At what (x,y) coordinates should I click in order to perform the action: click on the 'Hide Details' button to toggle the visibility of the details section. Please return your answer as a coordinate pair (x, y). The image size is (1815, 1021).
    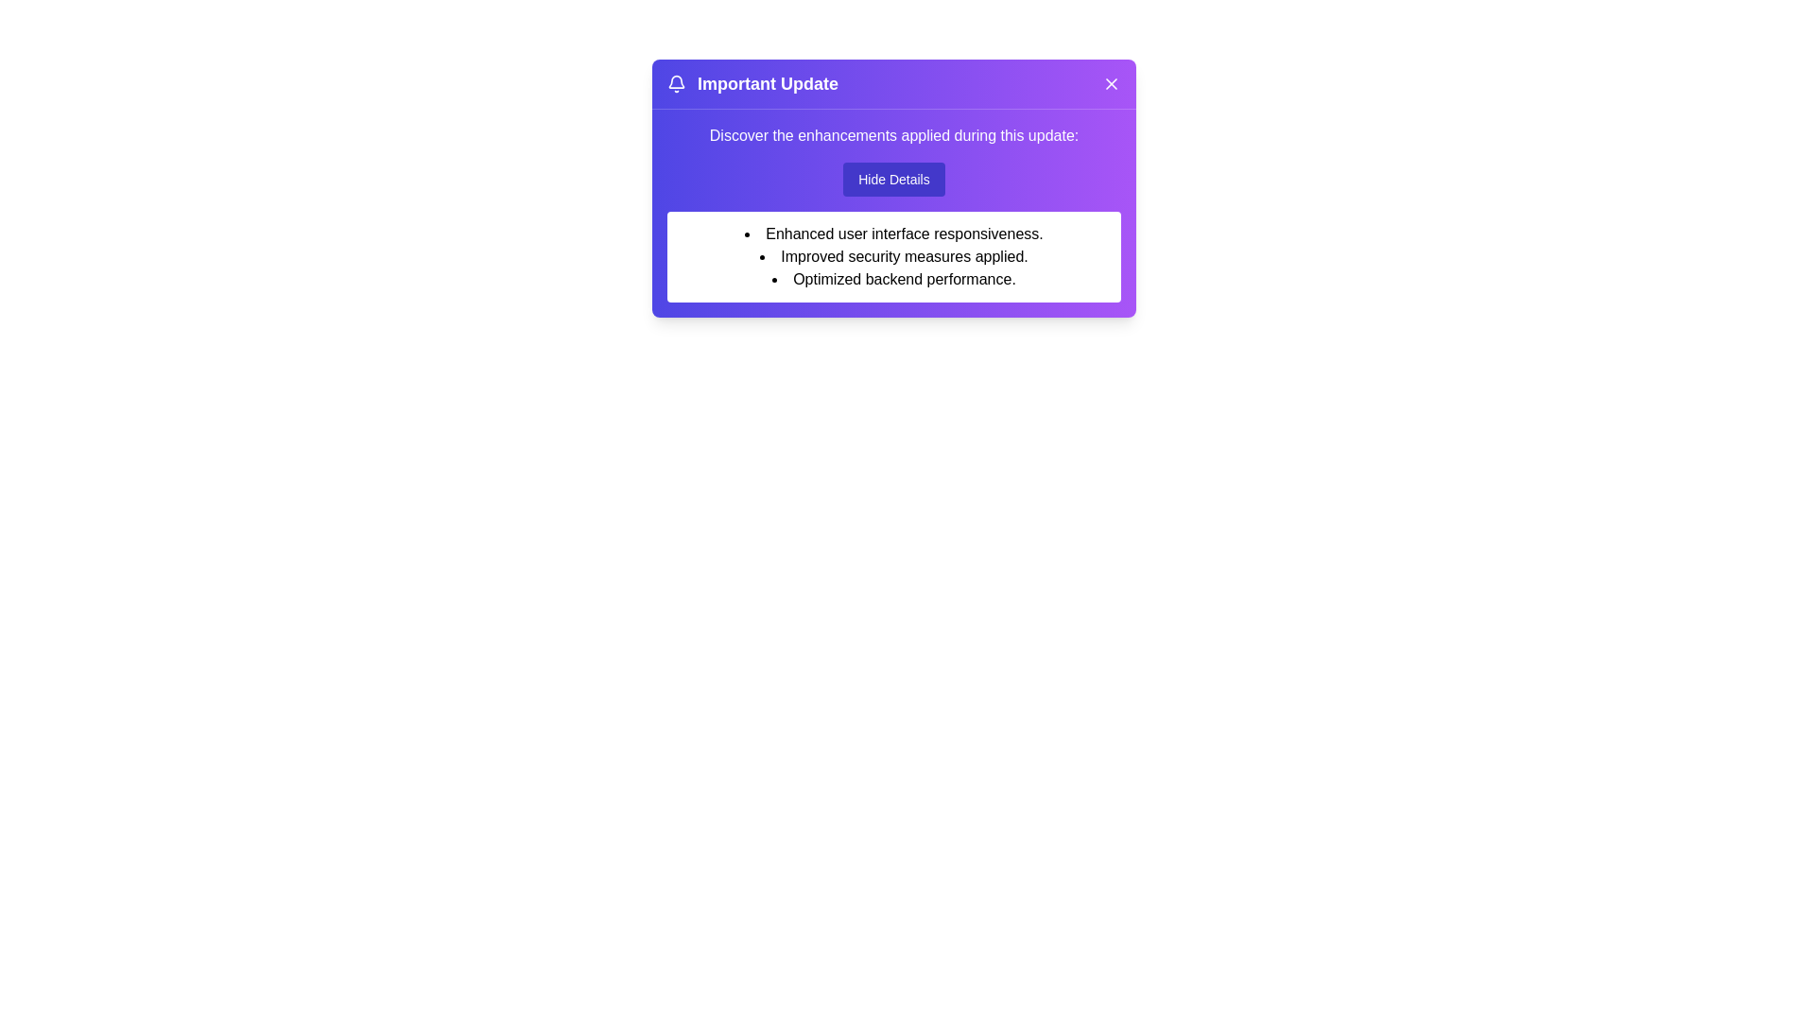
    Looking at the image, I should click on (892, 179).